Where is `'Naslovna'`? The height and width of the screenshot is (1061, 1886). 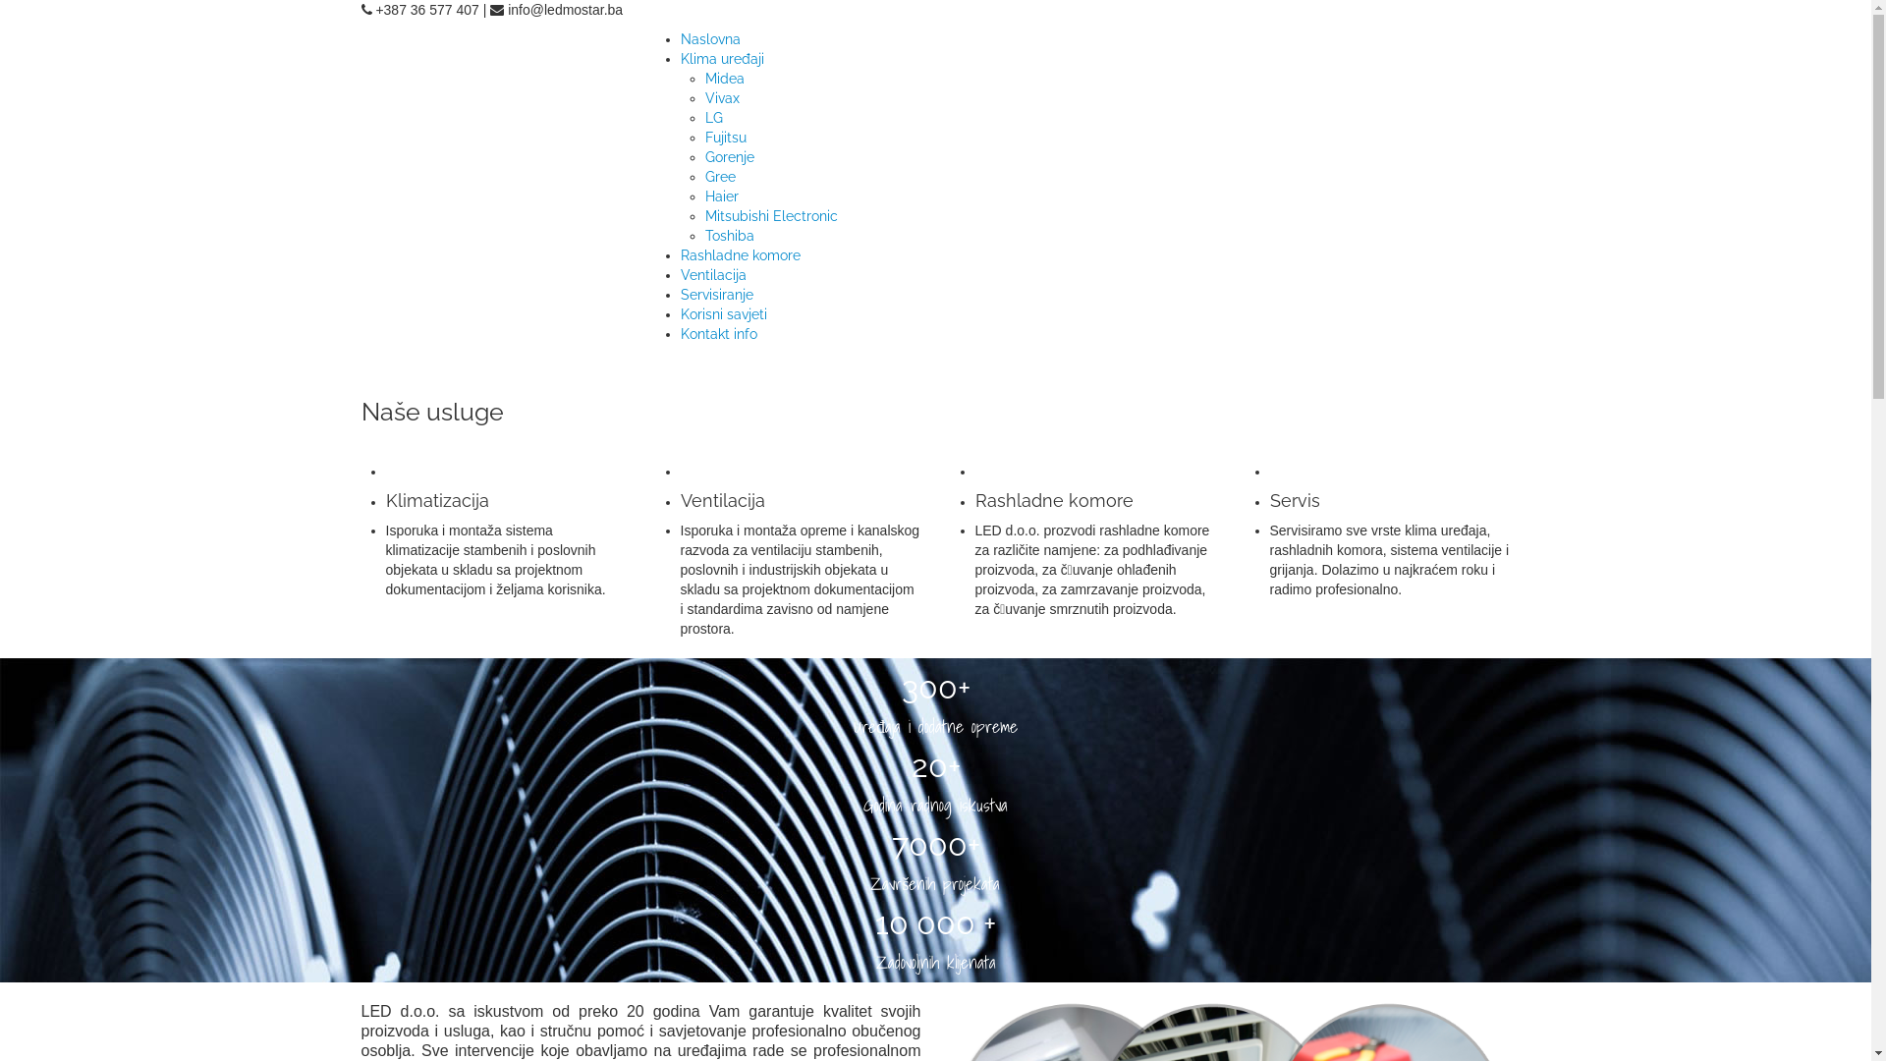 'Naslovna' is located at coordinates (708, 38).